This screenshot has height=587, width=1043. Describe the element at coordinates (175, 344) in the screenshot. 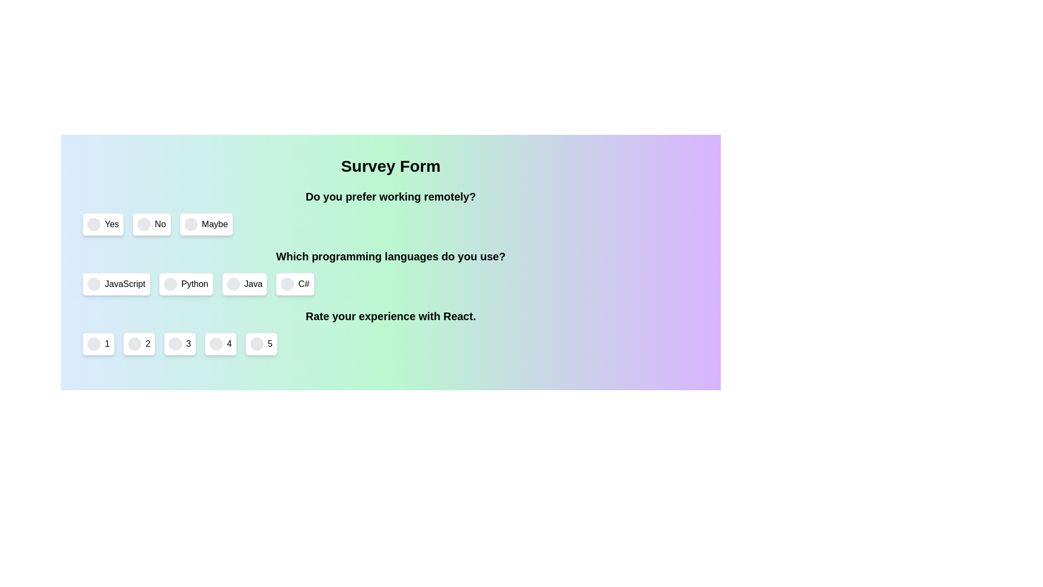

I see `the third circular button with a gray background in the rating scale under the 'Rate your experience with React.' section` at that location.